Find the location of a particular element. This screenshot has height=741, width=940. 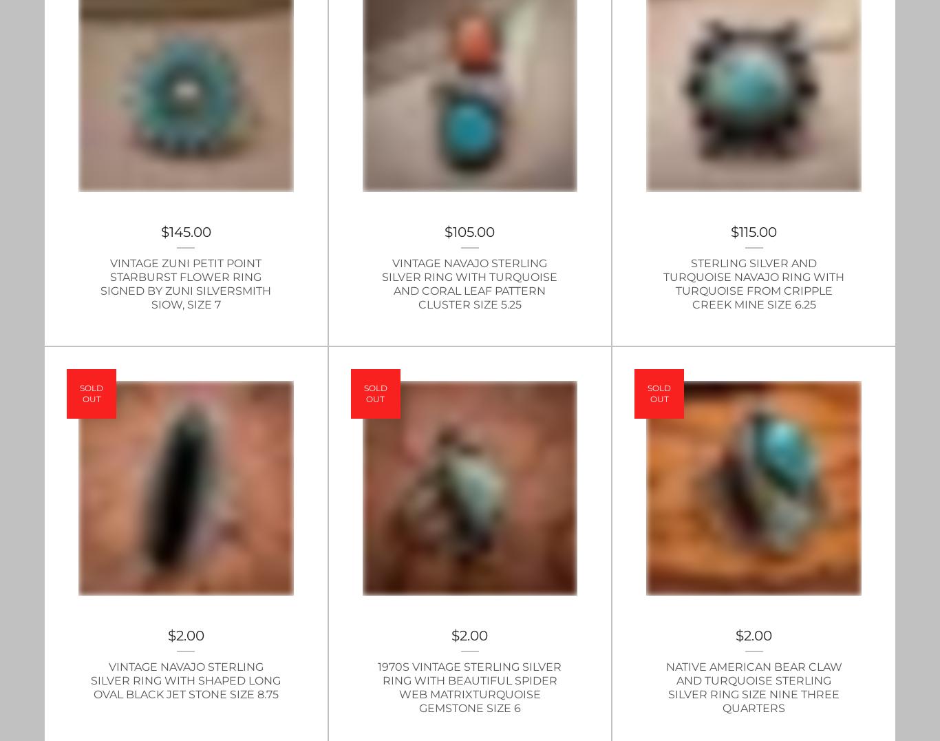

'Vintage Zuni Petit Point  Starburst Flower Ring signed by Zuni Silversmith Siow, size 7' is located at coordinates (186, 283).